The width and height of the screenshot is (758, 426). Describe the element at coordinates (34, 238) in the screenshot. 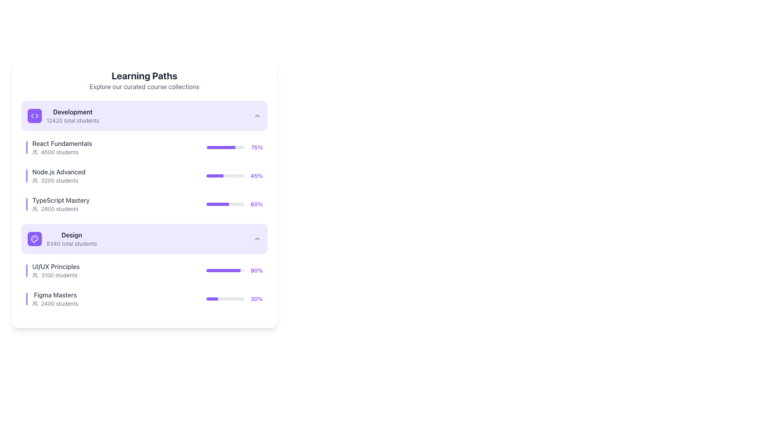

I see `the 'Design' icon located on the left side of the 'Design' title in the application interface` at that location.